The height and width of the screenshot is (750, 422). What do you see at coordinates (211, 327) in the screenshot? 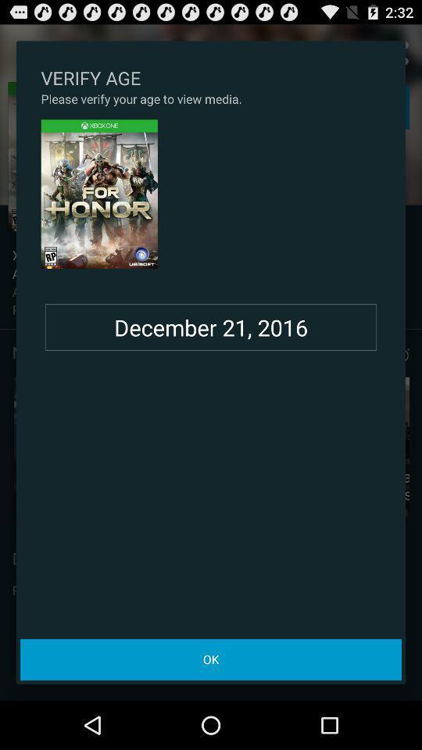
I see `the december 21, 2016 at the center` at bounding box center [211, 327].